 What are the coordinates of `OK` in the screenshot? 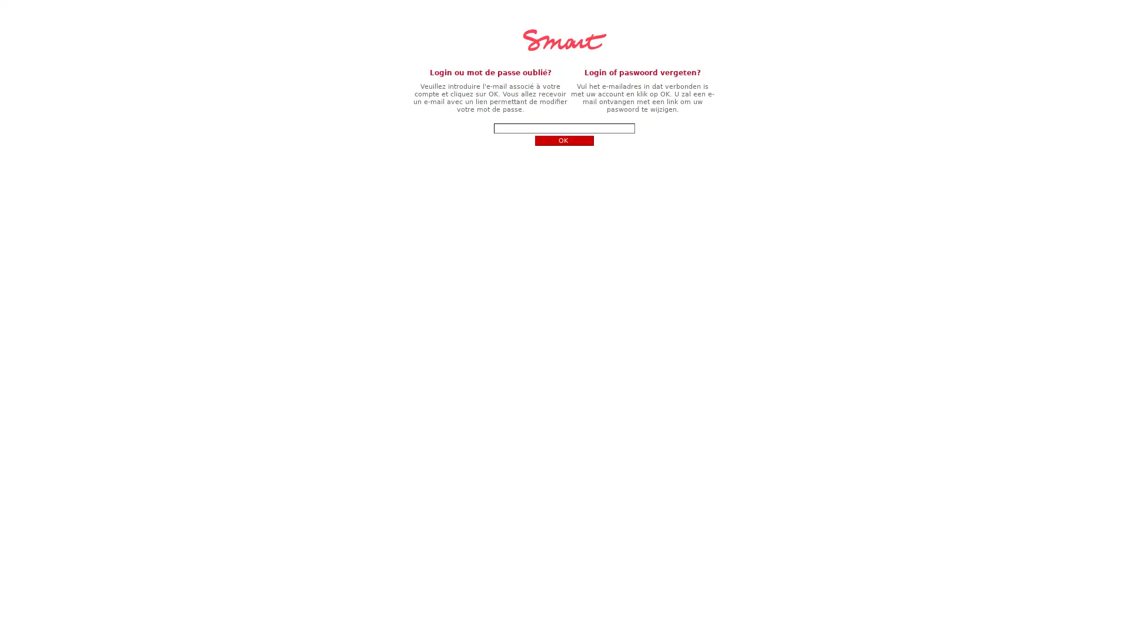 It's located at (564, 139).